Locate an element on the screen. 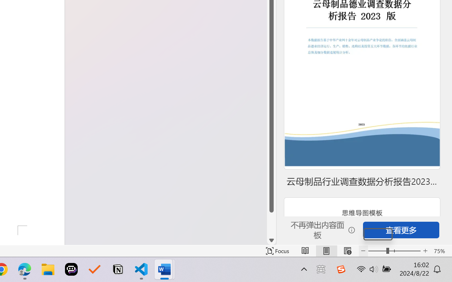 The width and height of the screenshot is (452, 282). 'Zoom Out' is located at coordinates (377, 251).